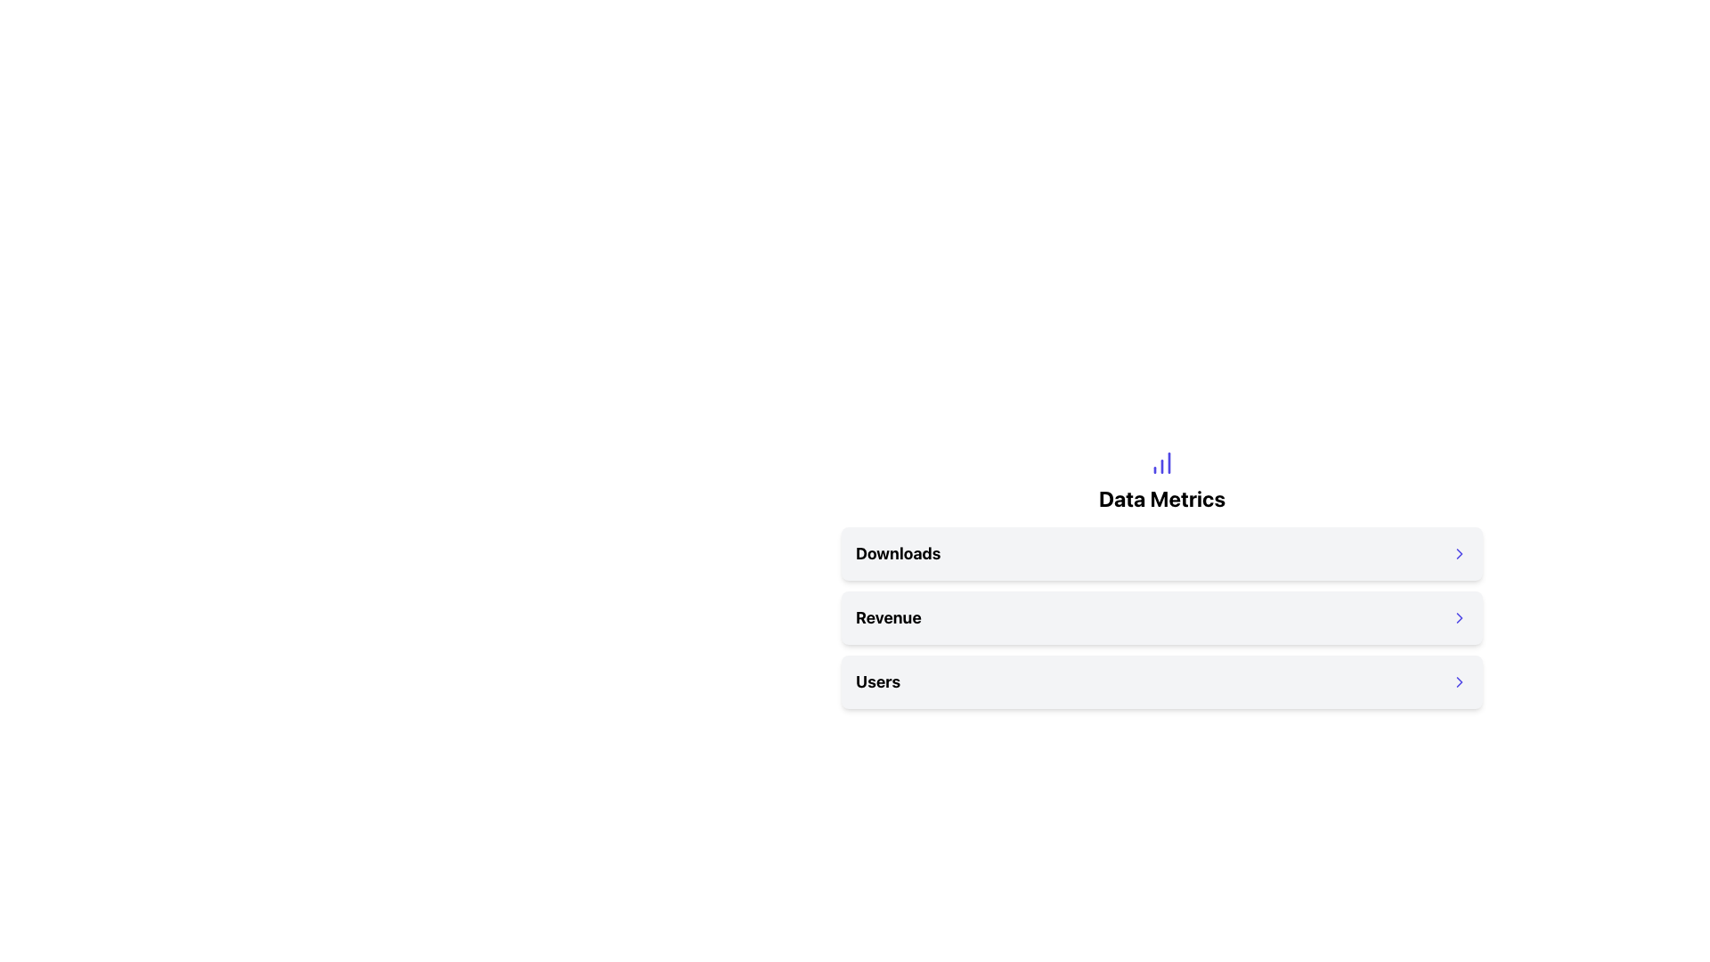 This screenshot has height=962, width=1710. Describe the element at coordinates (1162, 481) in the screenshot. I see `the Text with icon header that serves as a header indicator for the 'Data Metrics' section, located above the list of items labeled 'Downloads', 'Revenue', and 'Users'` at that location.